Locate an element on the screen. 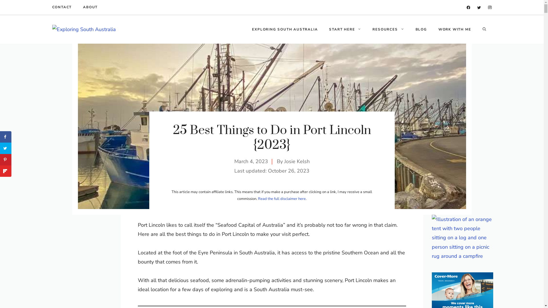  'Share on Flipboard' is located at coordinates (5, 171).